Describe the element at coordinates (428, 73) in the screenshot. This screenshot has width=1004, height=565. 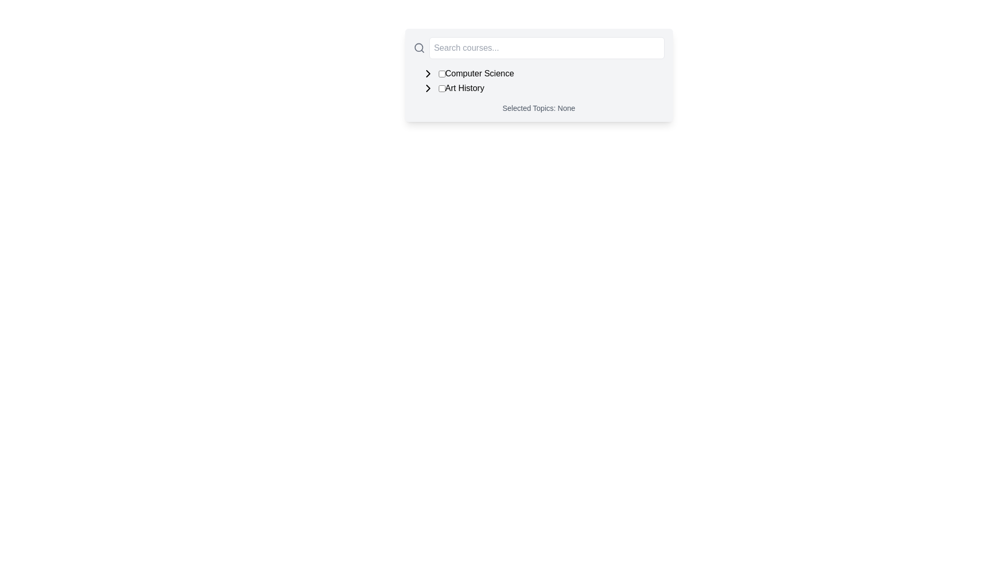
I see `the rightward-pointing chevron icon button associated with the 'Computer Science' label` at that location.